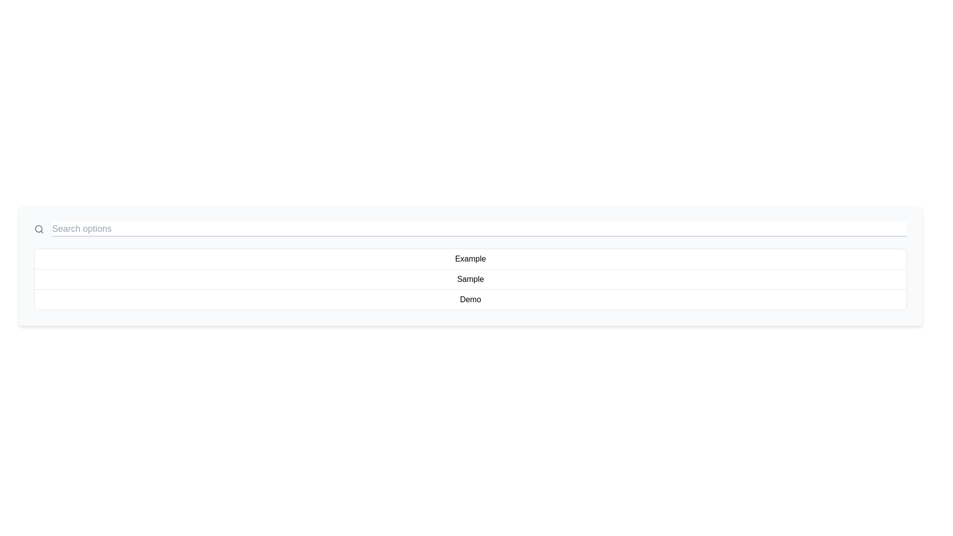 Image resolution: width=953 pixels, height=536 pixels. I want to click on the first Textual List Item labeled 'Example', so click(470, 258).